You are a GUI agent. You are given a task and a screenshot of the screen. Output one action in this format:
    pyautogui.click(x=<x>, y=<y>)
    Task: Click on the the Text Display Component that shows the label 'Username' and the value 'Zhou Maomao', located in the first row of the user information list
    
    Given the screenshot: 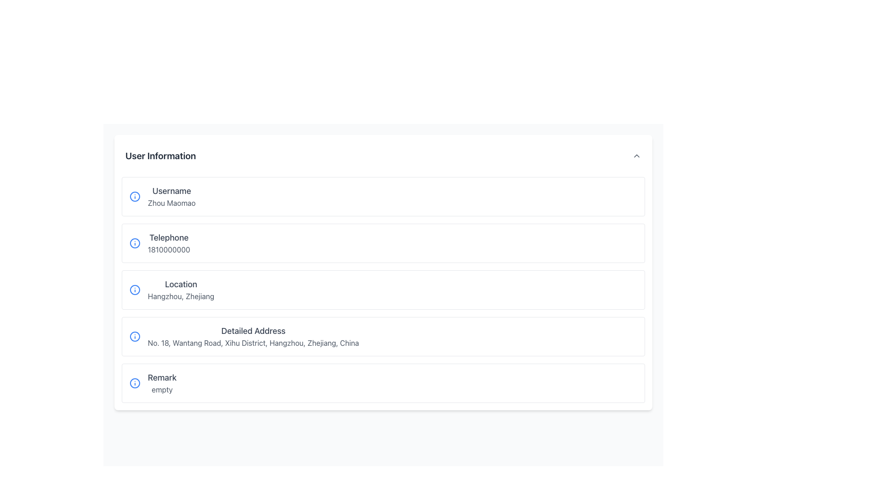 What is the action you would take?
    pyautogui.click(x=172, y=196)
    